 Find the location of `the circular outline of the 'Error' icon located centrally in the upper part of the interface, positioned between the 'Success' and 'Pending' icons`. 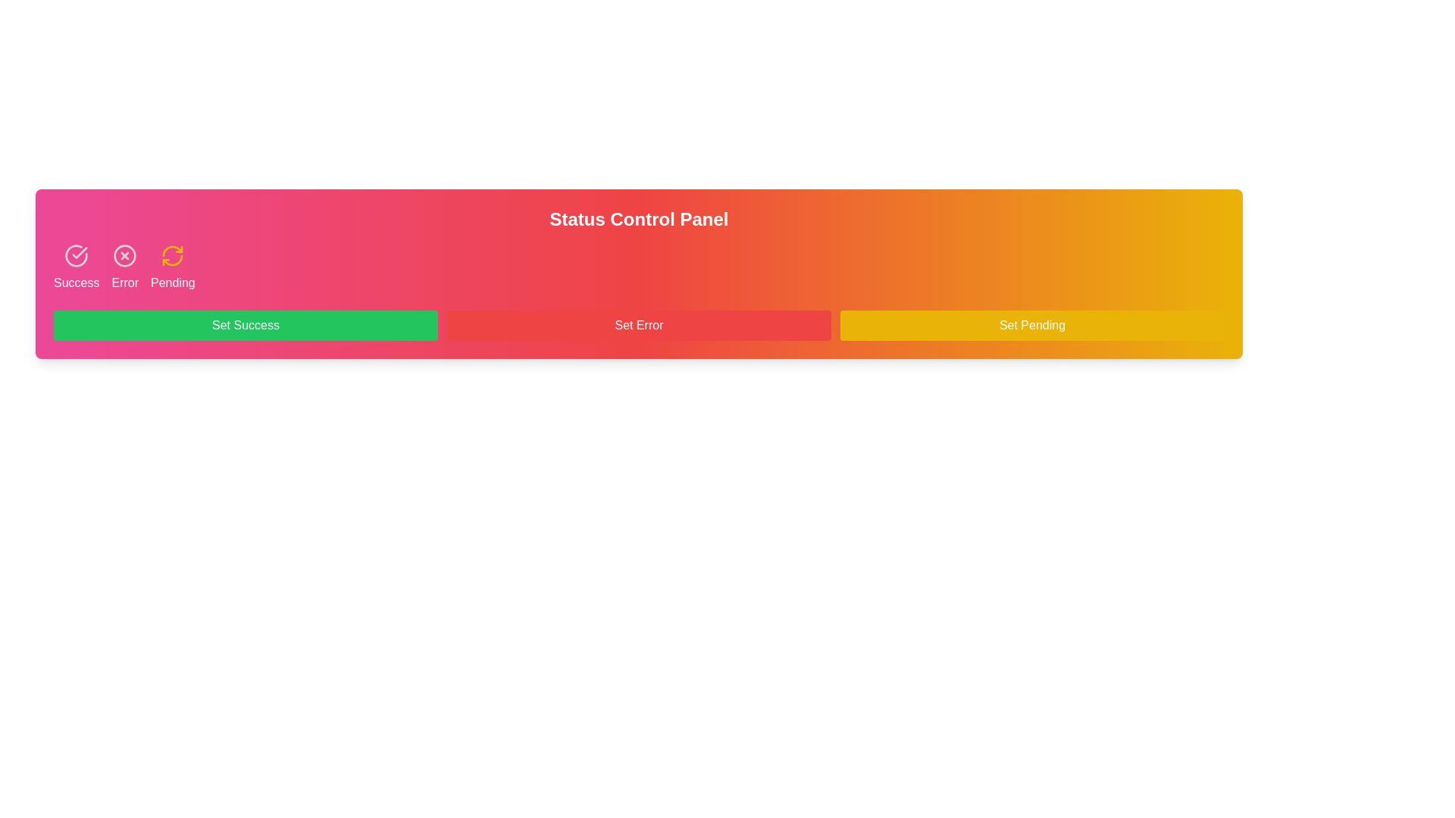

the circular outline of the 'Error' icon located centrally in the upper part of the interface, positioned between the 'Success' and 'Pending' icons is located at coordinates (125, 255).